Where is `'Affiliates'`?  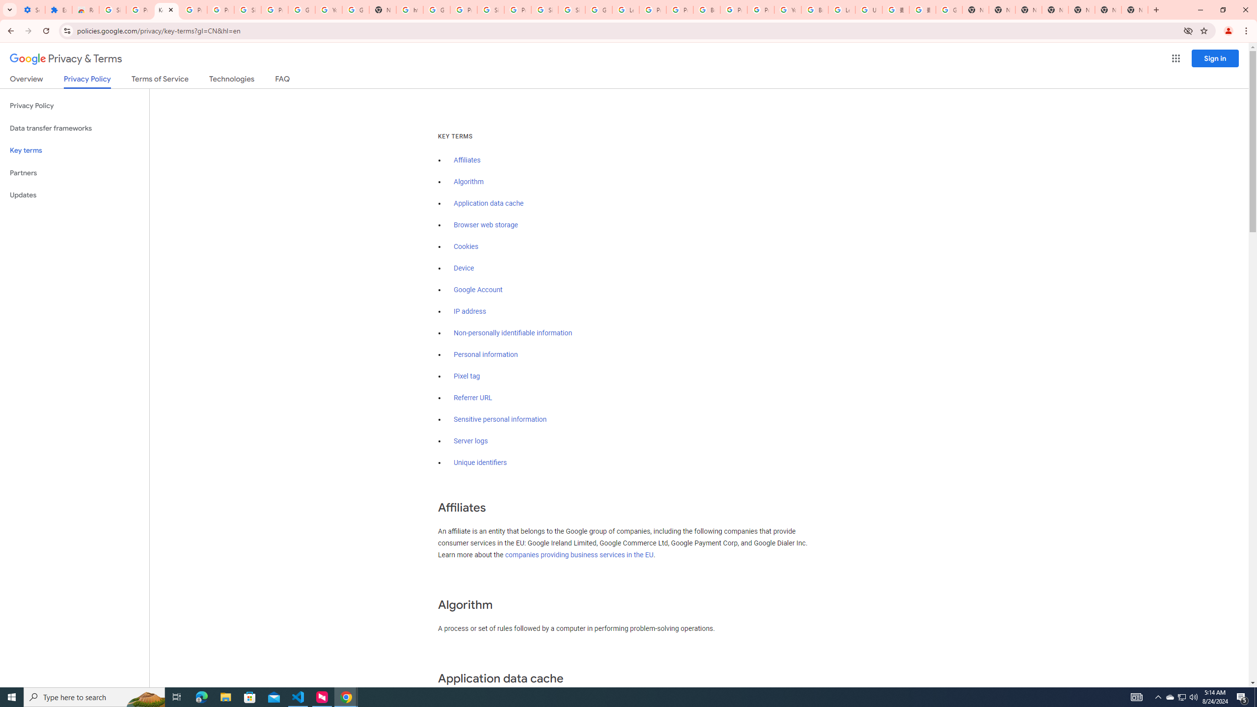
'Affiliates' is located at coordinates (466, 160).